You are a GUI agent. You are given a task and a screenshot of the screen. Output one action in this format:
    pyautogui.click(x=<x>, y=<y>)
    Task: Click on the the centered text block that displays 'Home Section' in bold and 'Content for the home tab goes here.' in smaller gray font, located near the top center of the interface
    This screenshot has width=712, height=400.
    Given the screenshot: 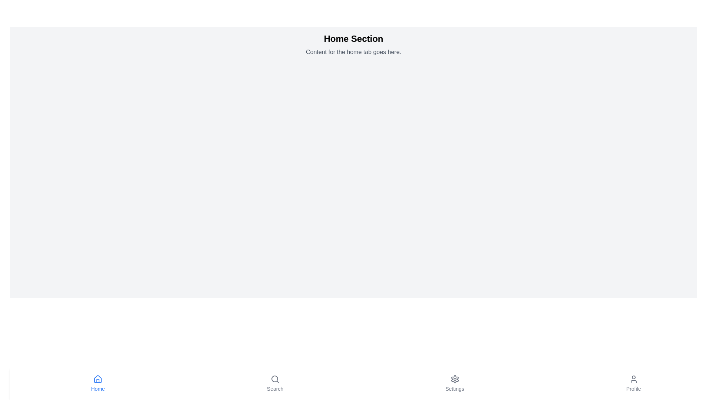 What is the action you would take?
    pyautogui.click(x=353, y=44)
    